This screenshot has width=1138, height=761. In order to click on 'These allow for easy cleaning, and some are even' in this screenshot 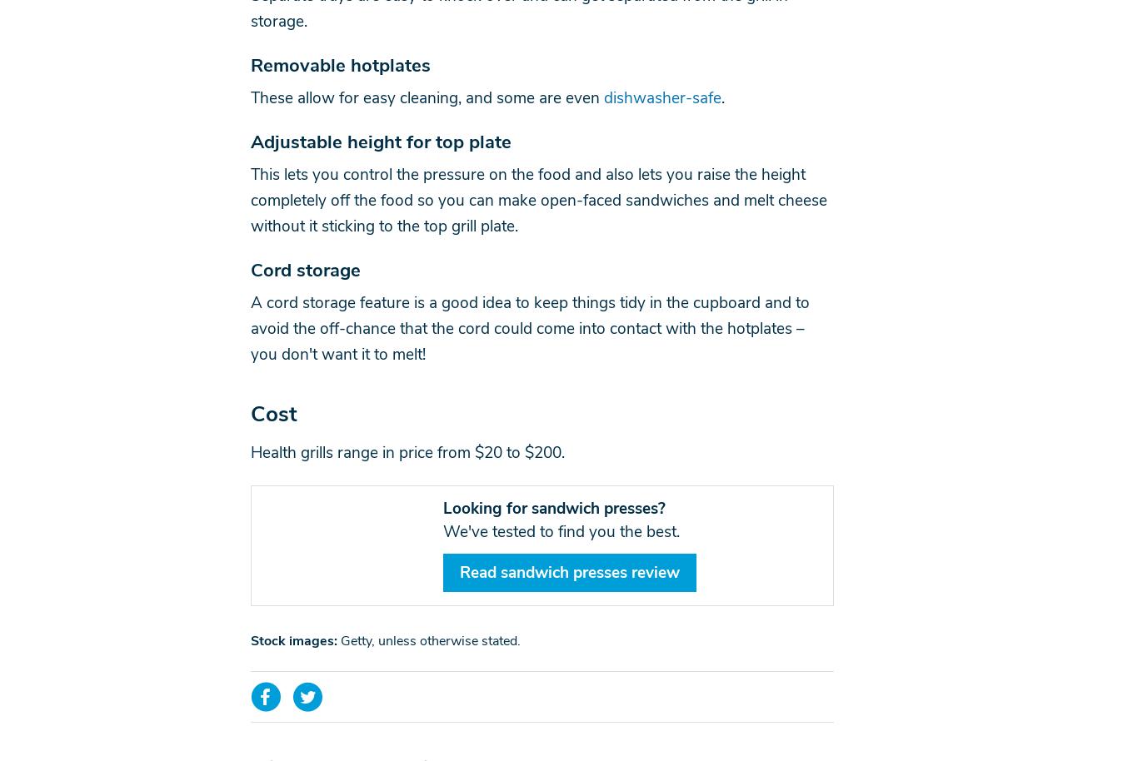, I will do `click(426, 97)`.